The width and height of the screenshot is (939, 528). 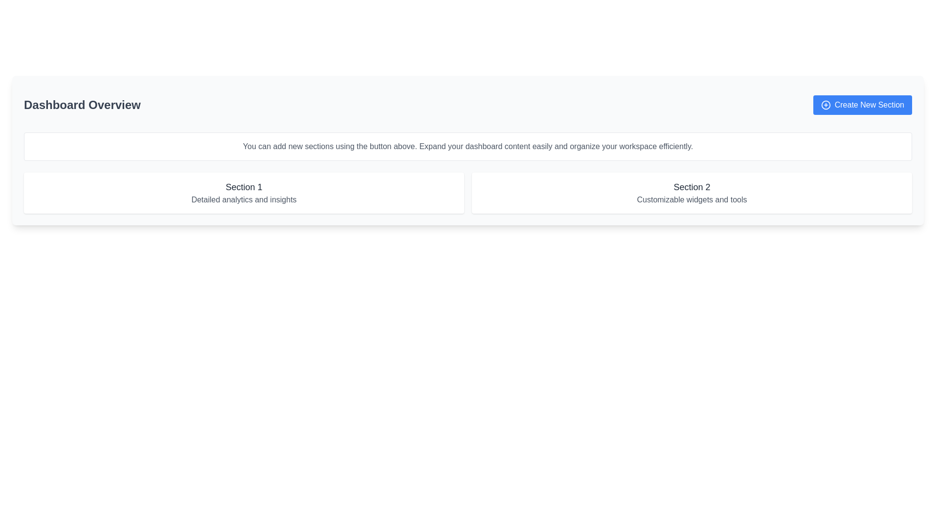 What do you see at coordinates (825, 105) in the screenshot?
I see `the circular icon with a plus sign in its center, which has a blue background and white border, located to the left of the 'Create New Section' button at the top-right corner of the interface` at bounding box center [825, 105].